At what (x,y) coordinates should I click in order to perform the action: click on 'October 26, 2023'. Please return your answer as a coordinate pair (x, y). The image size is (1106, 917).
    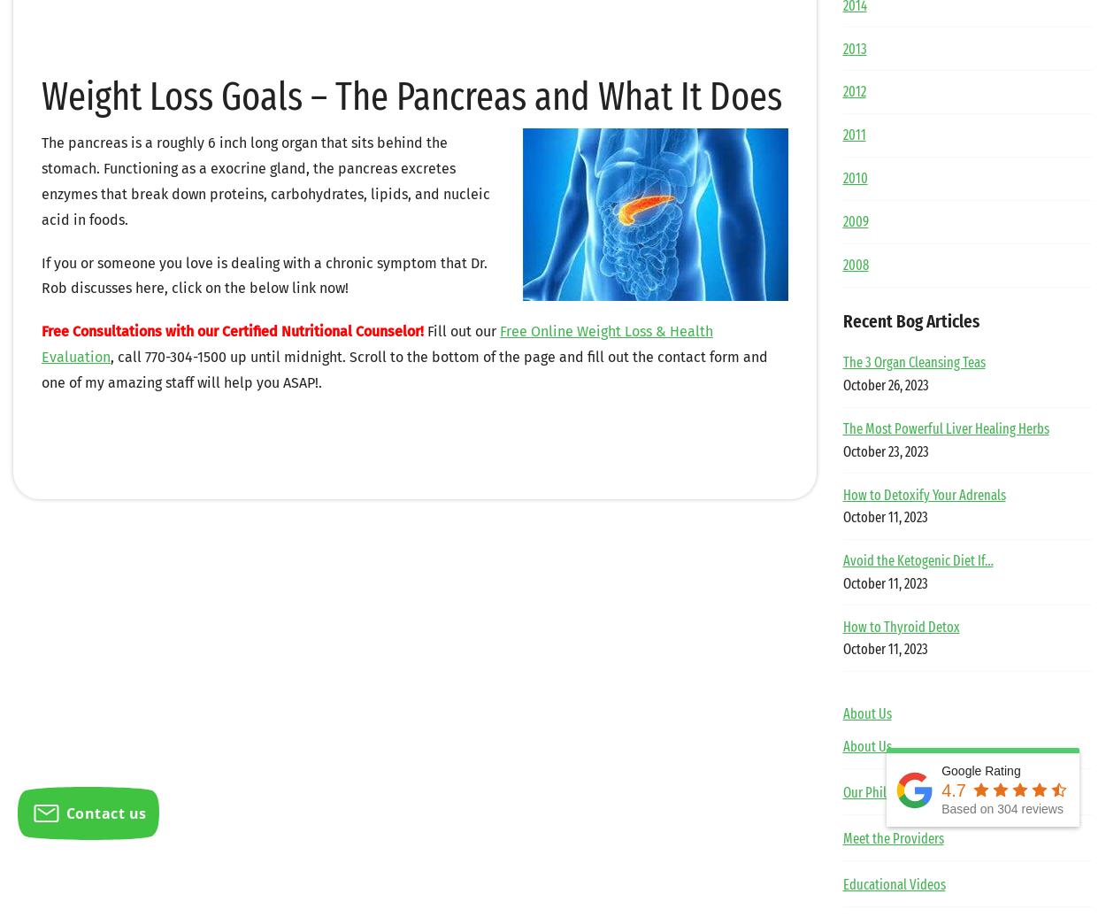
    Looking at the image, I should click on (841, 385).